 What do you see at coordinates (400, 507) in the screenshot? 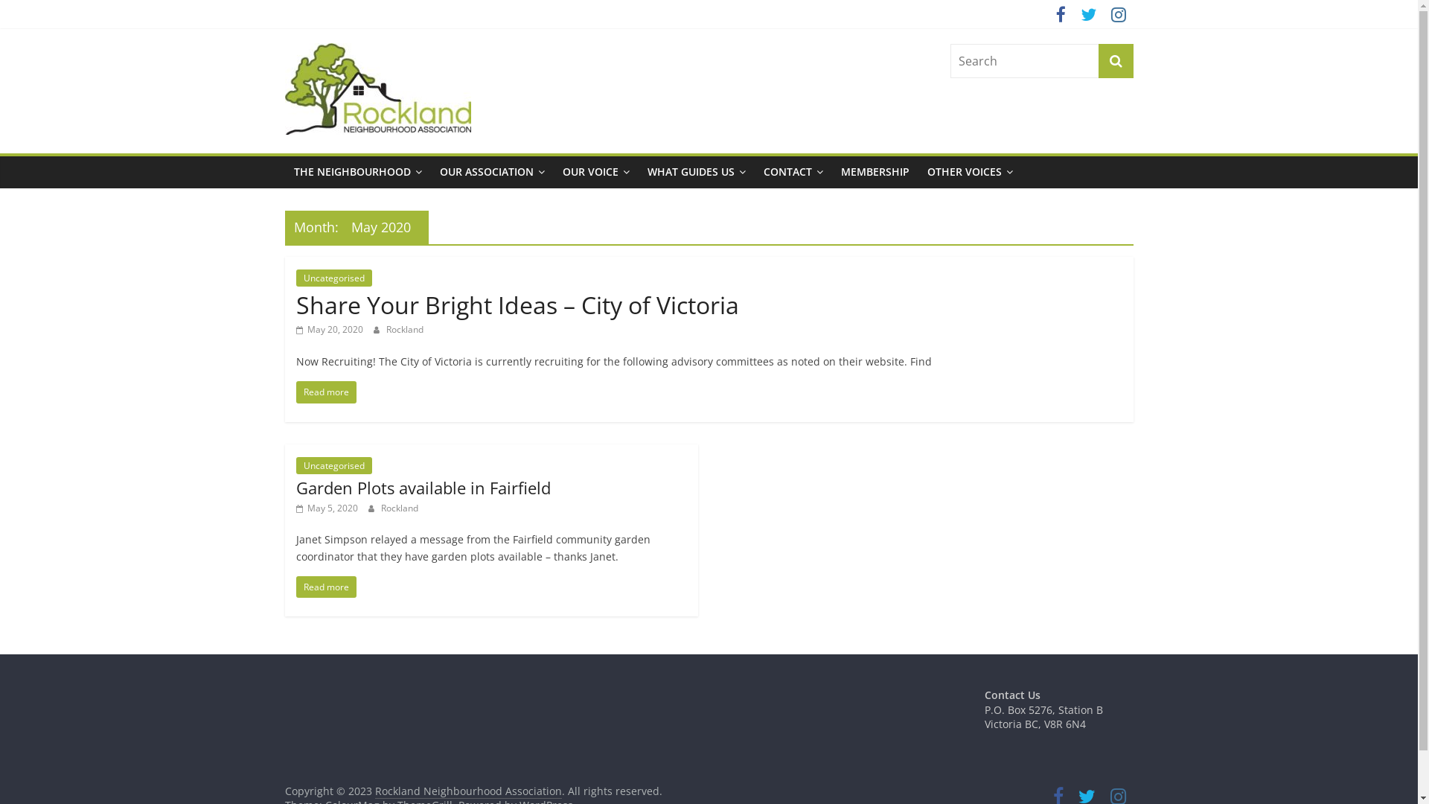
I see `'Rockland'` at bounding box center [400, 507].